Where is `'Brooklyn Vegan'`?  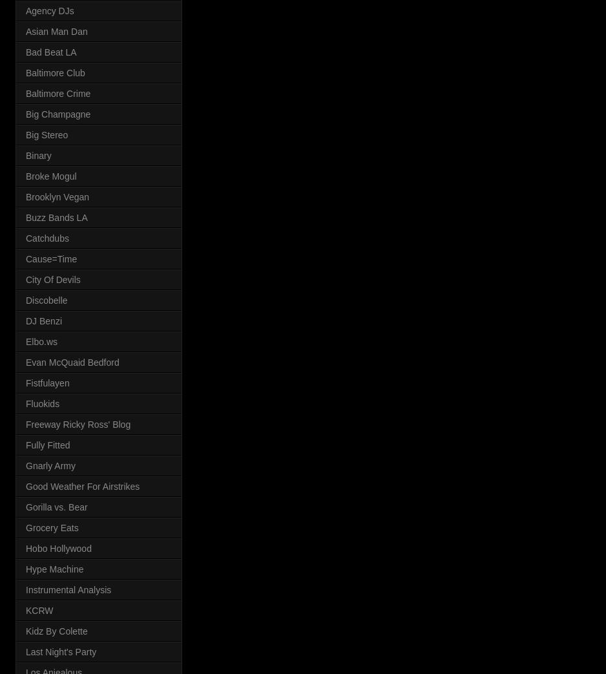 'Brooklyn Vegan' is located at coordinates (57, 196).